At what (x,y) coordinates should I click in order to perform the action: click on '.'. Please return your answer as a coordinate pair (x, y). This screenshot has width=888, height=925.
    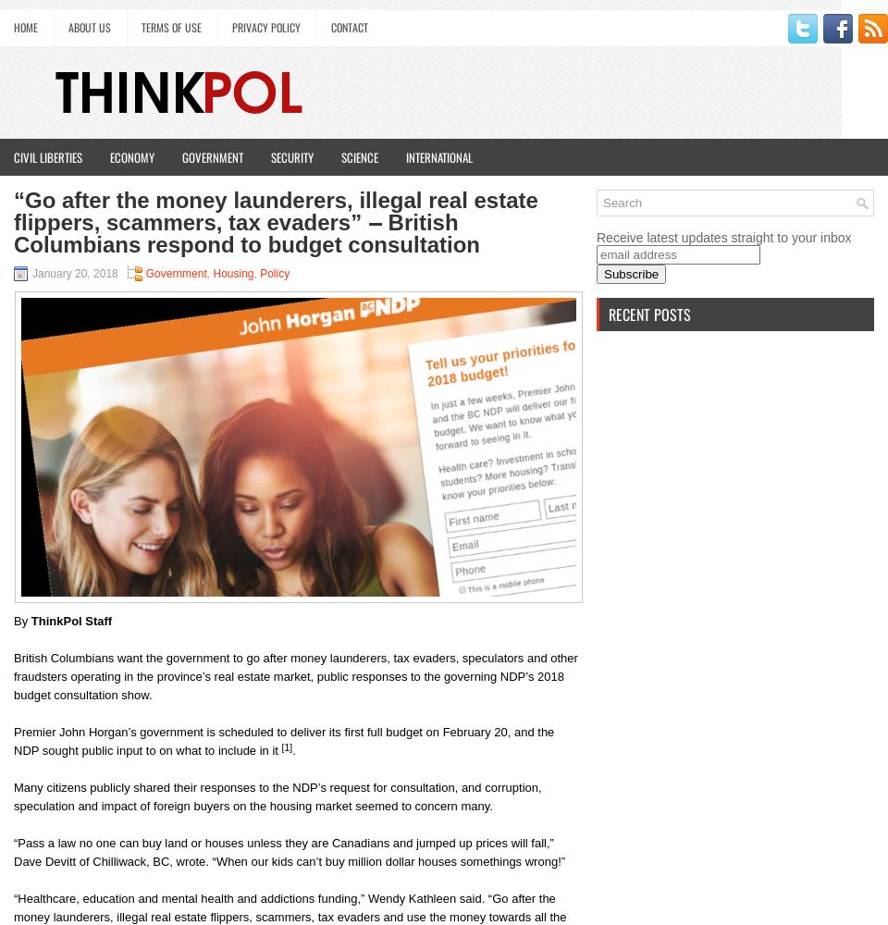
    Looking at the image, I should click on (293, 750).